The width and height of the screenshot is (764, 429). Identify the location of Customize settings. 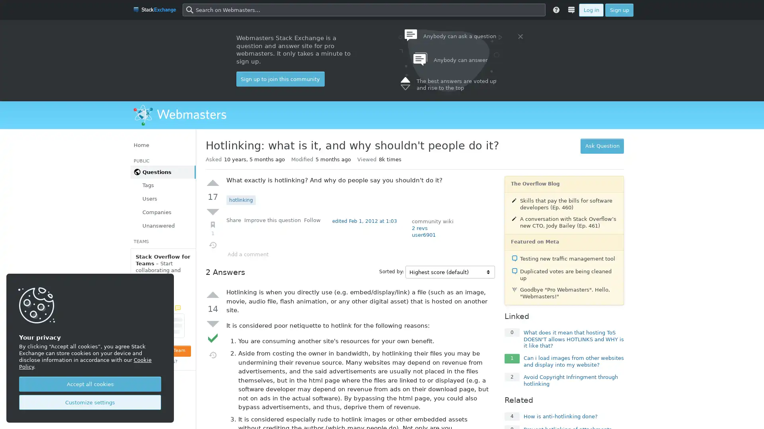
(90, 402).